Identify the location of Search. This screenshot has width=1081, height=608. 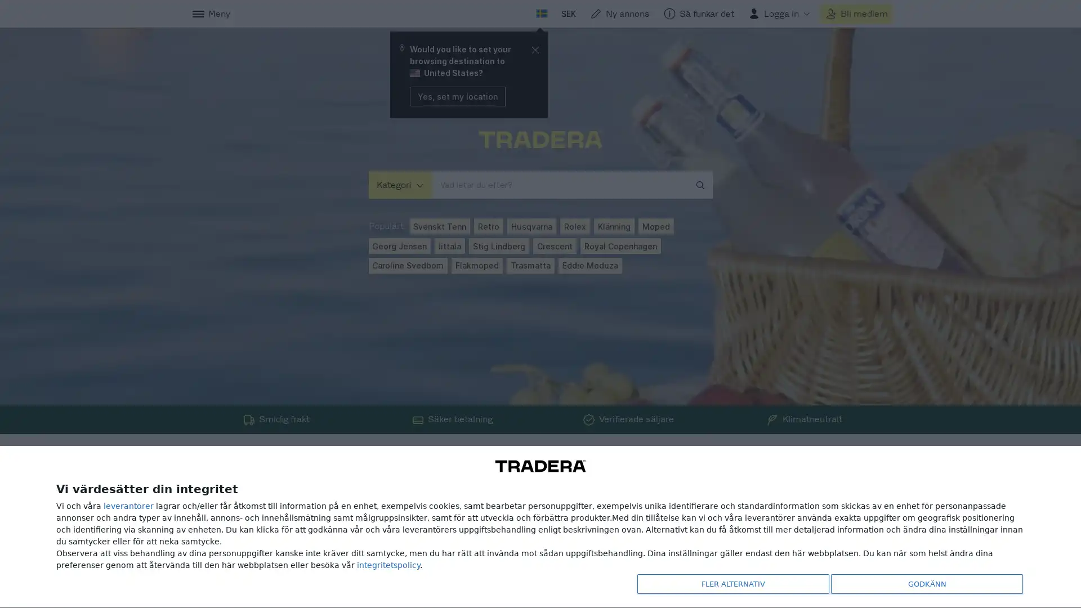
(703, 184).